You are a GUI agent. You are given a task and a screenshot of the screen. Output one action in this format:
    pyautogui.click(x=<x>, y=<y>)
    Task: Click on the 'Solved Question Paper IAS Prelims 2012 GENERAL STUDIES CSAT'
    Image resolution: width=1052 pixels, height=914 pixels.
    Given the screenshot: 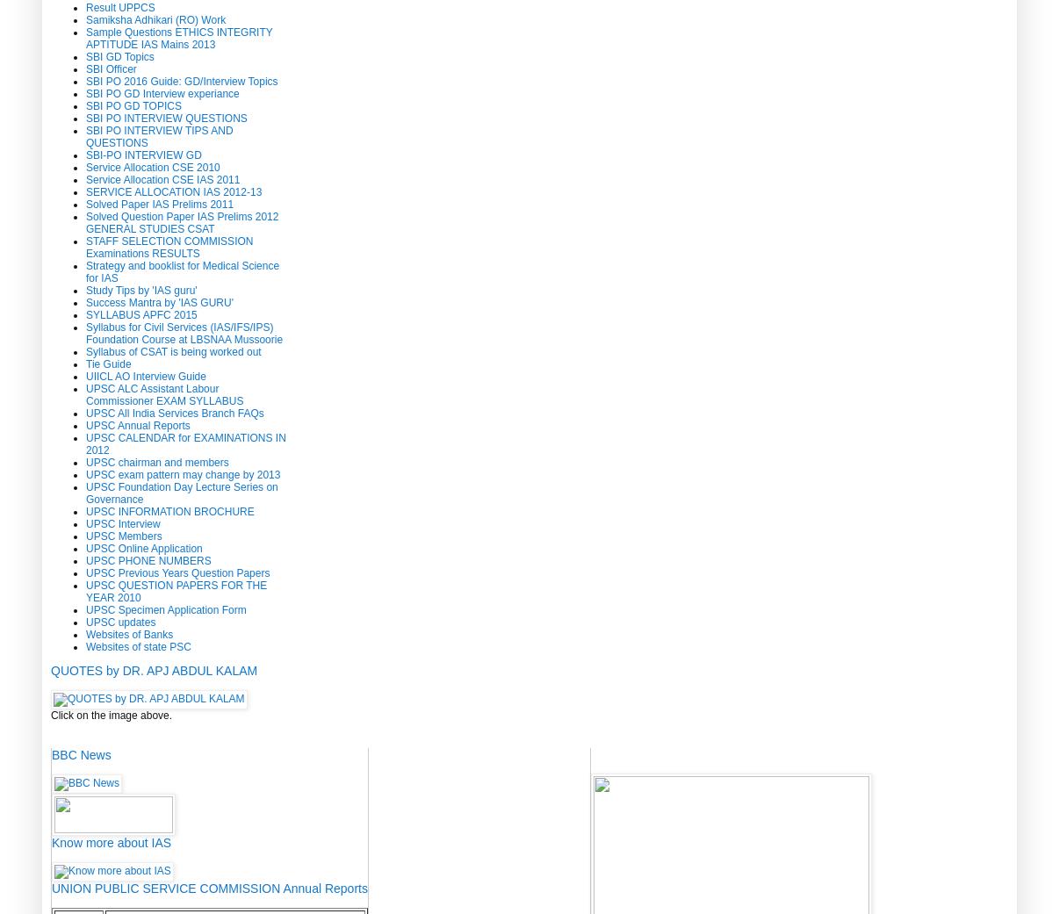 What is the action you would take?
    pyautogui.click(x=182, y=220)
    